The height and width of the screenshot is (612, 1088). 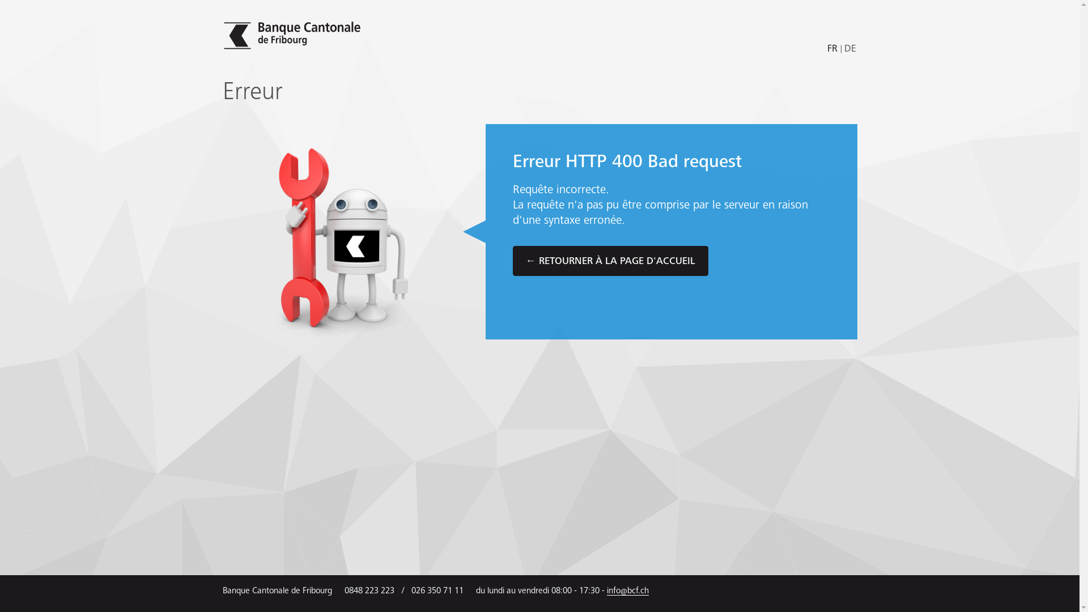 What do you see at coordinates (834, 49) in the screenshot?
I see `'FR'` at bounding box center [834, 49].